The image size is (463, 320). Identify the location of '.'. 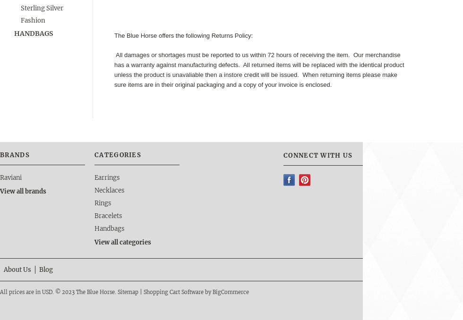
(53, 291).